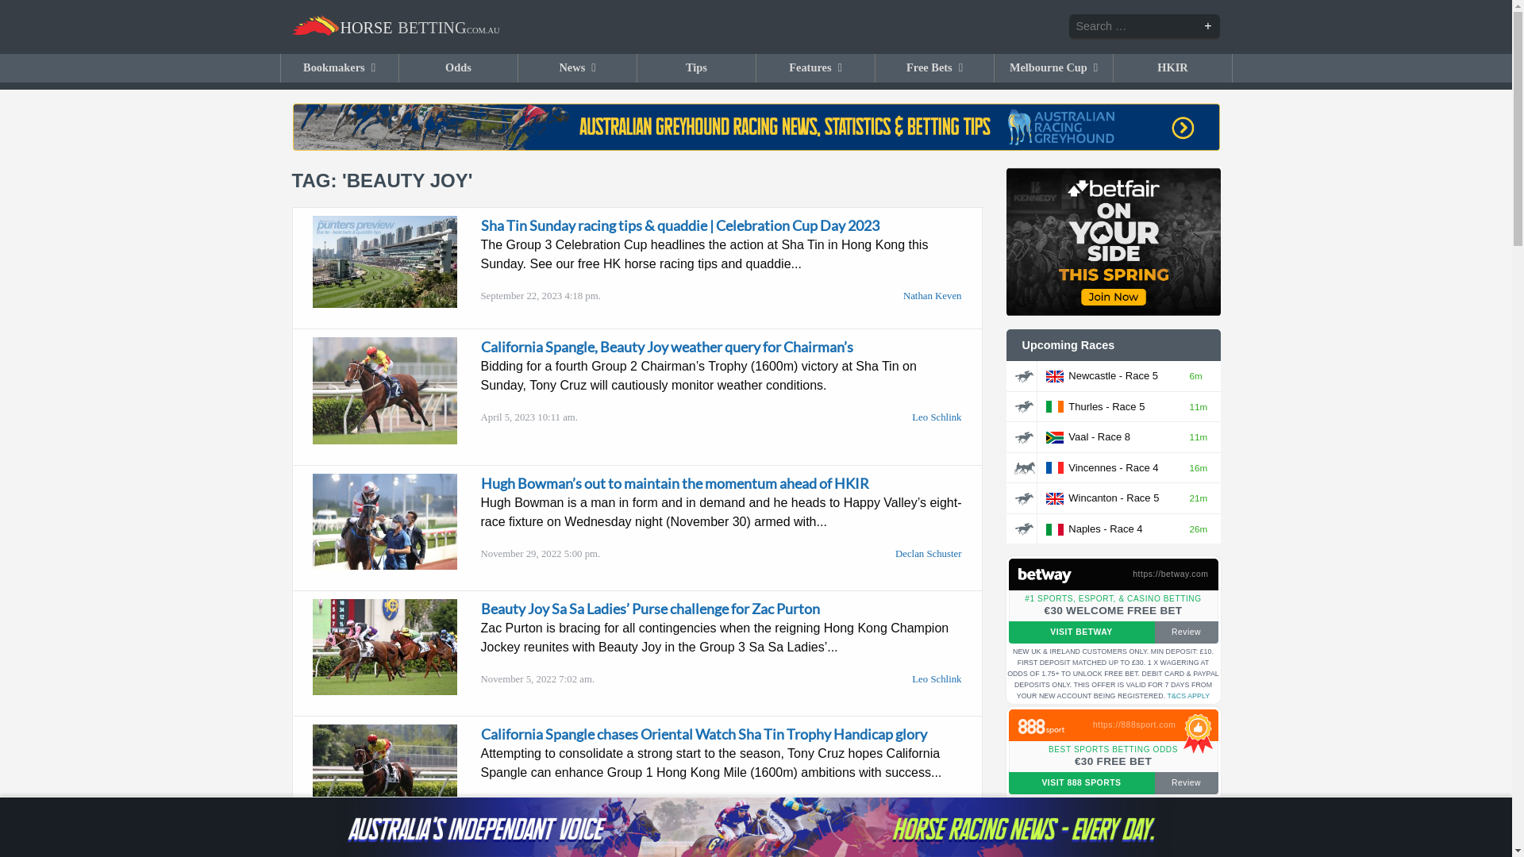 The image size is (1524, 857). What do you see at coordinates (1173, 67) in the screenshot?
I see `'HKIR'` at bounding box center [1173, 67].